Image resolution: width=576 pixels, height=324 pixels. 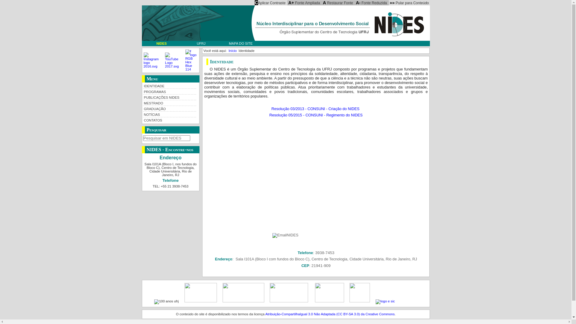 What do you see at coordinates (253, 2) in the screenshot?
I see `'CAplicar Contraste'` at bounding box center [253, 2].